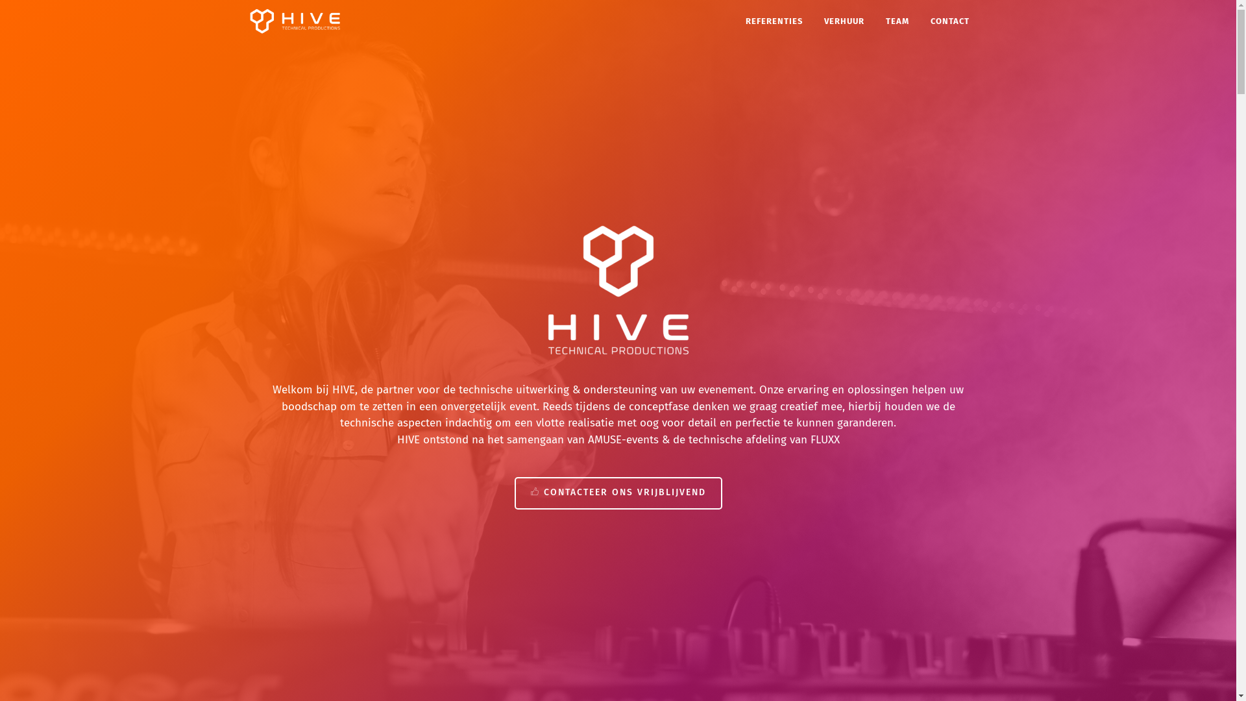  What do you see at coordinates (293, 21) in the screenshot?
I see `'Hive'` at bounding box center [293, 21].